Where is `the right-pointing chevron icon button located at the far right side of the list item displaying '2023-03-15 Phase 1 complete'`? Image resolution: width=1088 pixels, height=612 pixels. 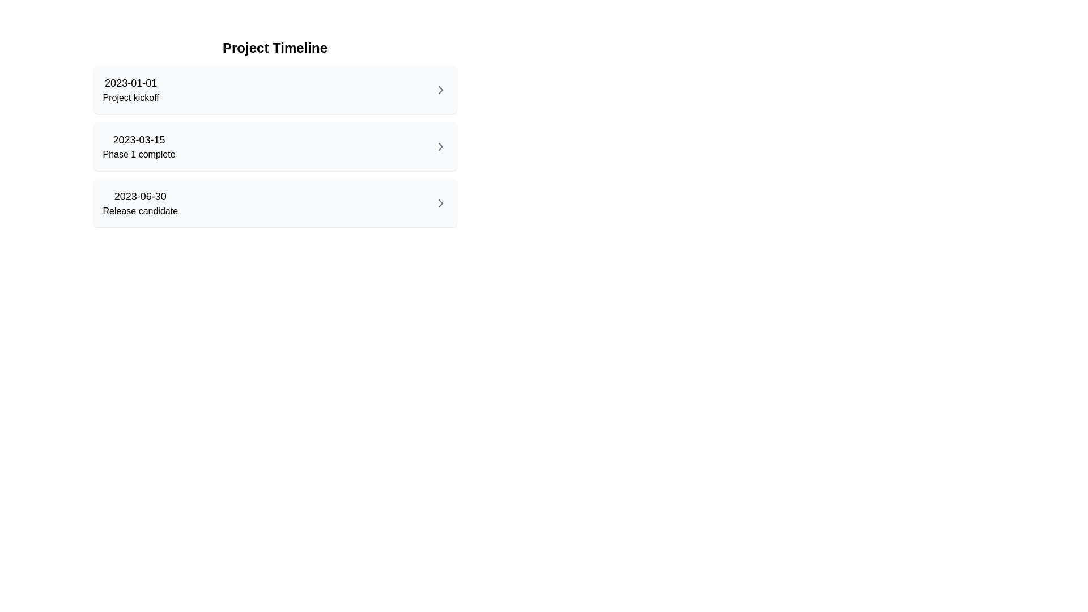 the right-pointing chevron icon button located at the far right side of the list item displaying '2023-03-15 Phase 1 complete' is located at coordinates (440, 146).